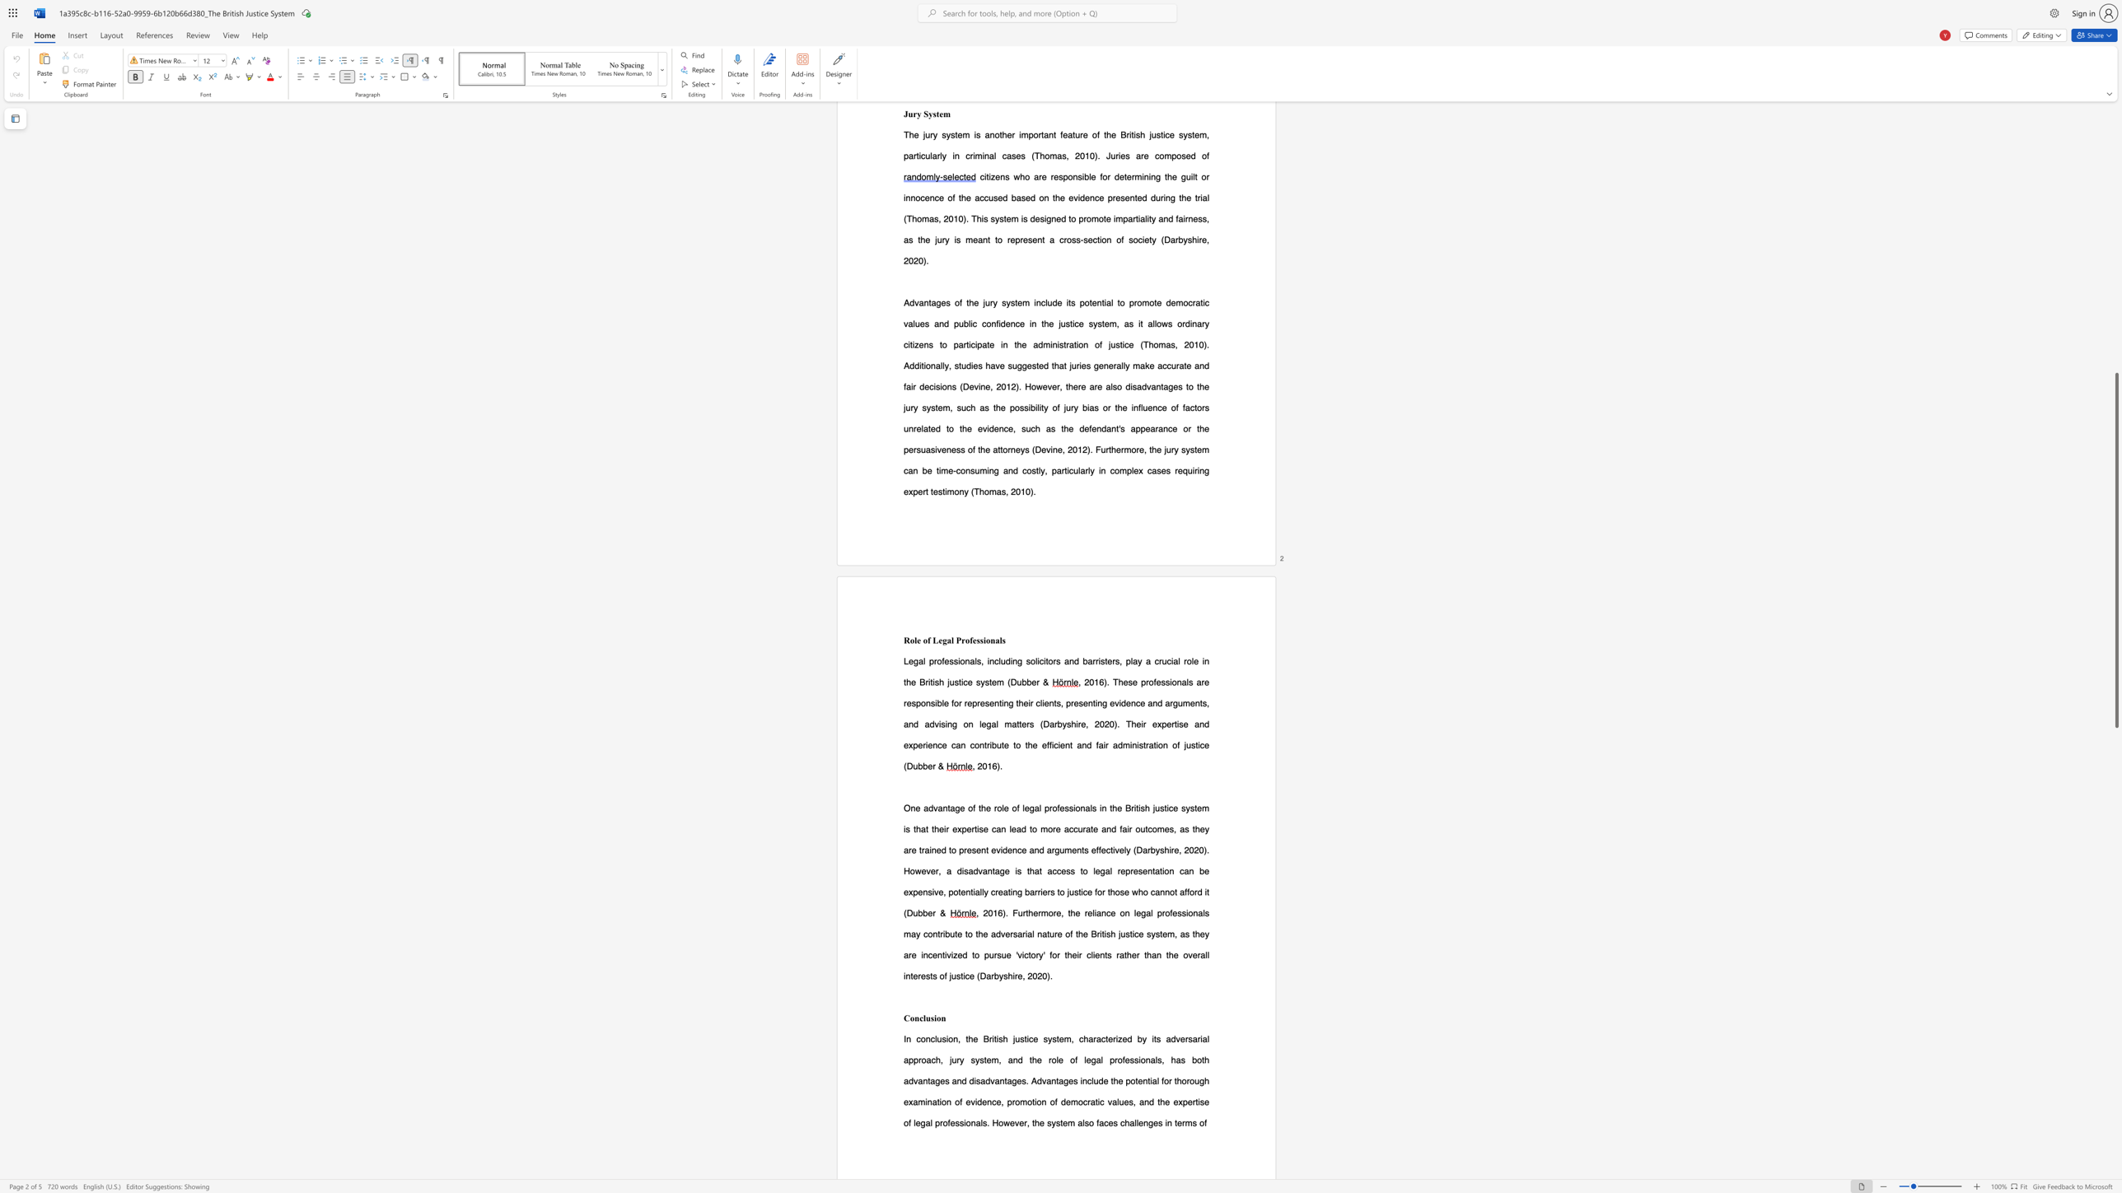  I want to click on the 1th character "f" in the text, so click(952, 703).